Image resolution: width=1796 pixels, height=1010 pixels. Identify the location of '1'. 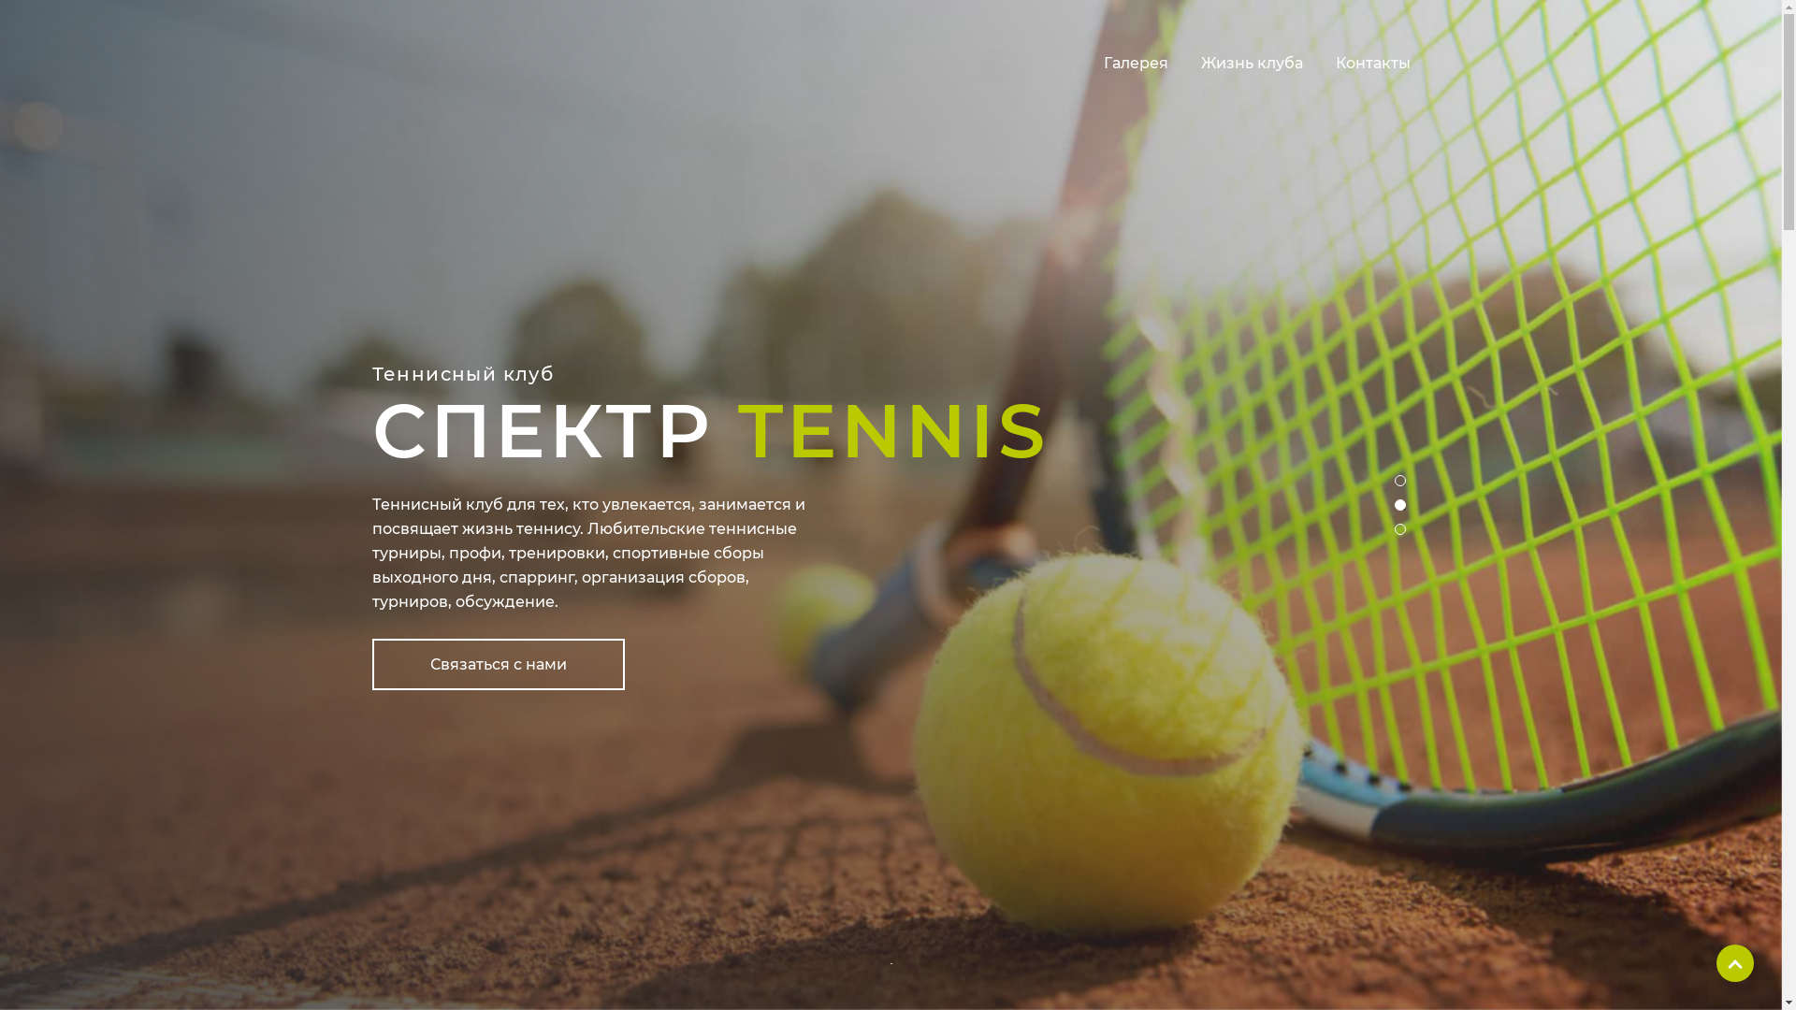
(1405, 484).